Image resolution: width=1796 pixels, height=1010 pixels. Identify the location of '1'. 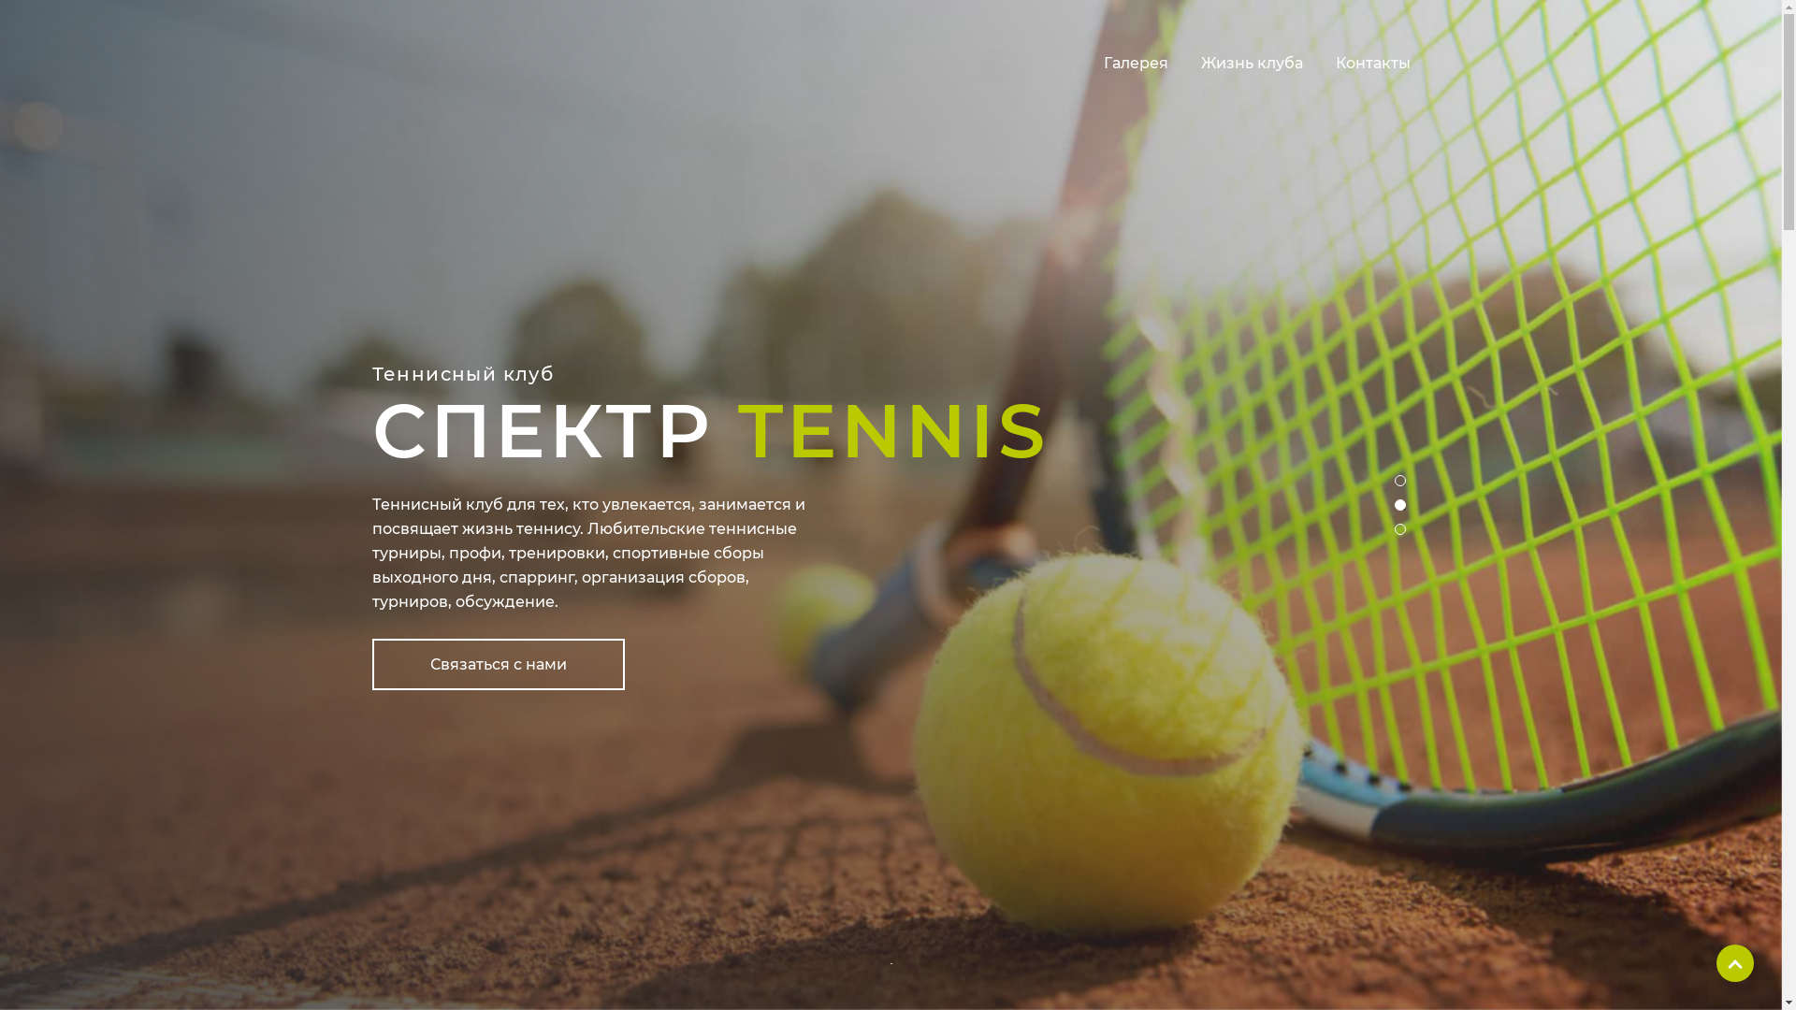
(1405, 484).